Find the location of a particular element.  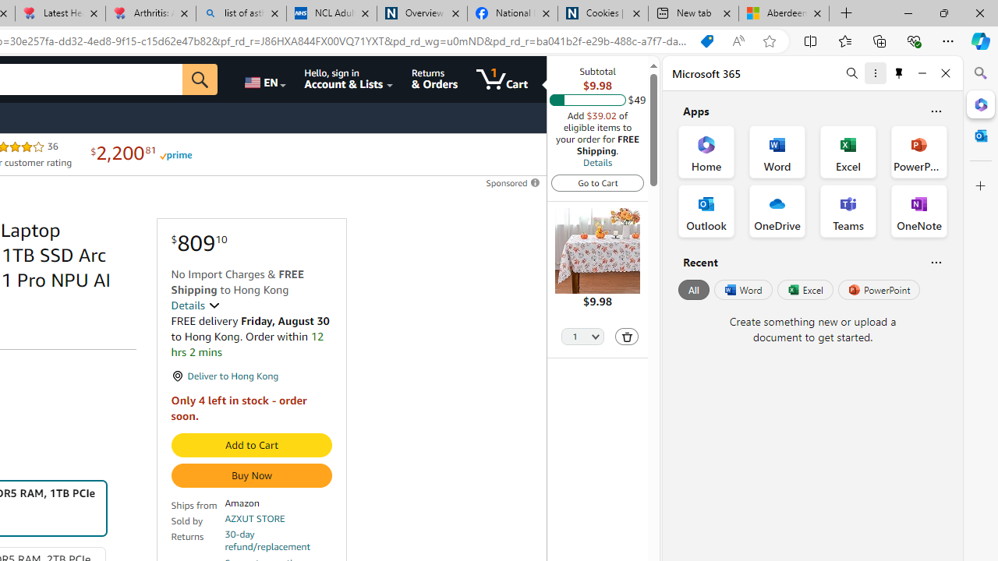

'Returns & Orders' is located at coordinates (434, 79).